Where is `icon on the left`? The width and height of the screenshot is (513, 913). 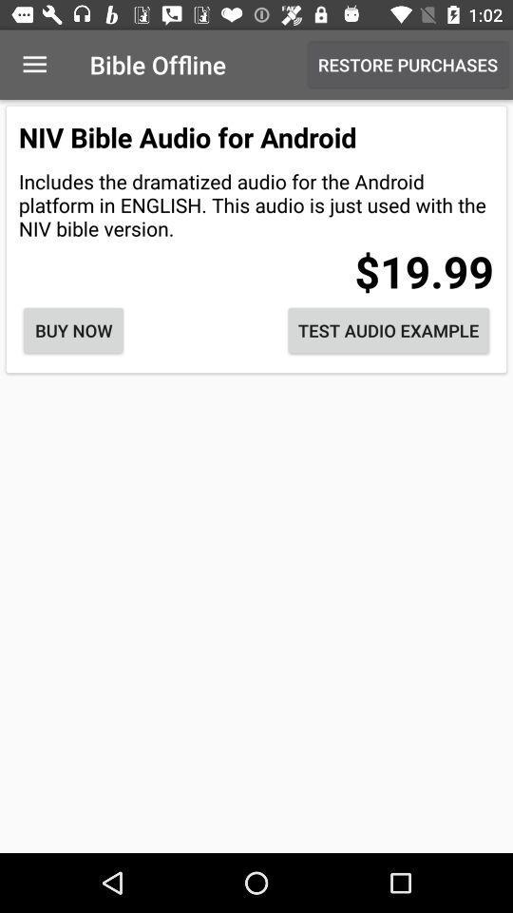 icon on the left is located at coordinates (72, 330).